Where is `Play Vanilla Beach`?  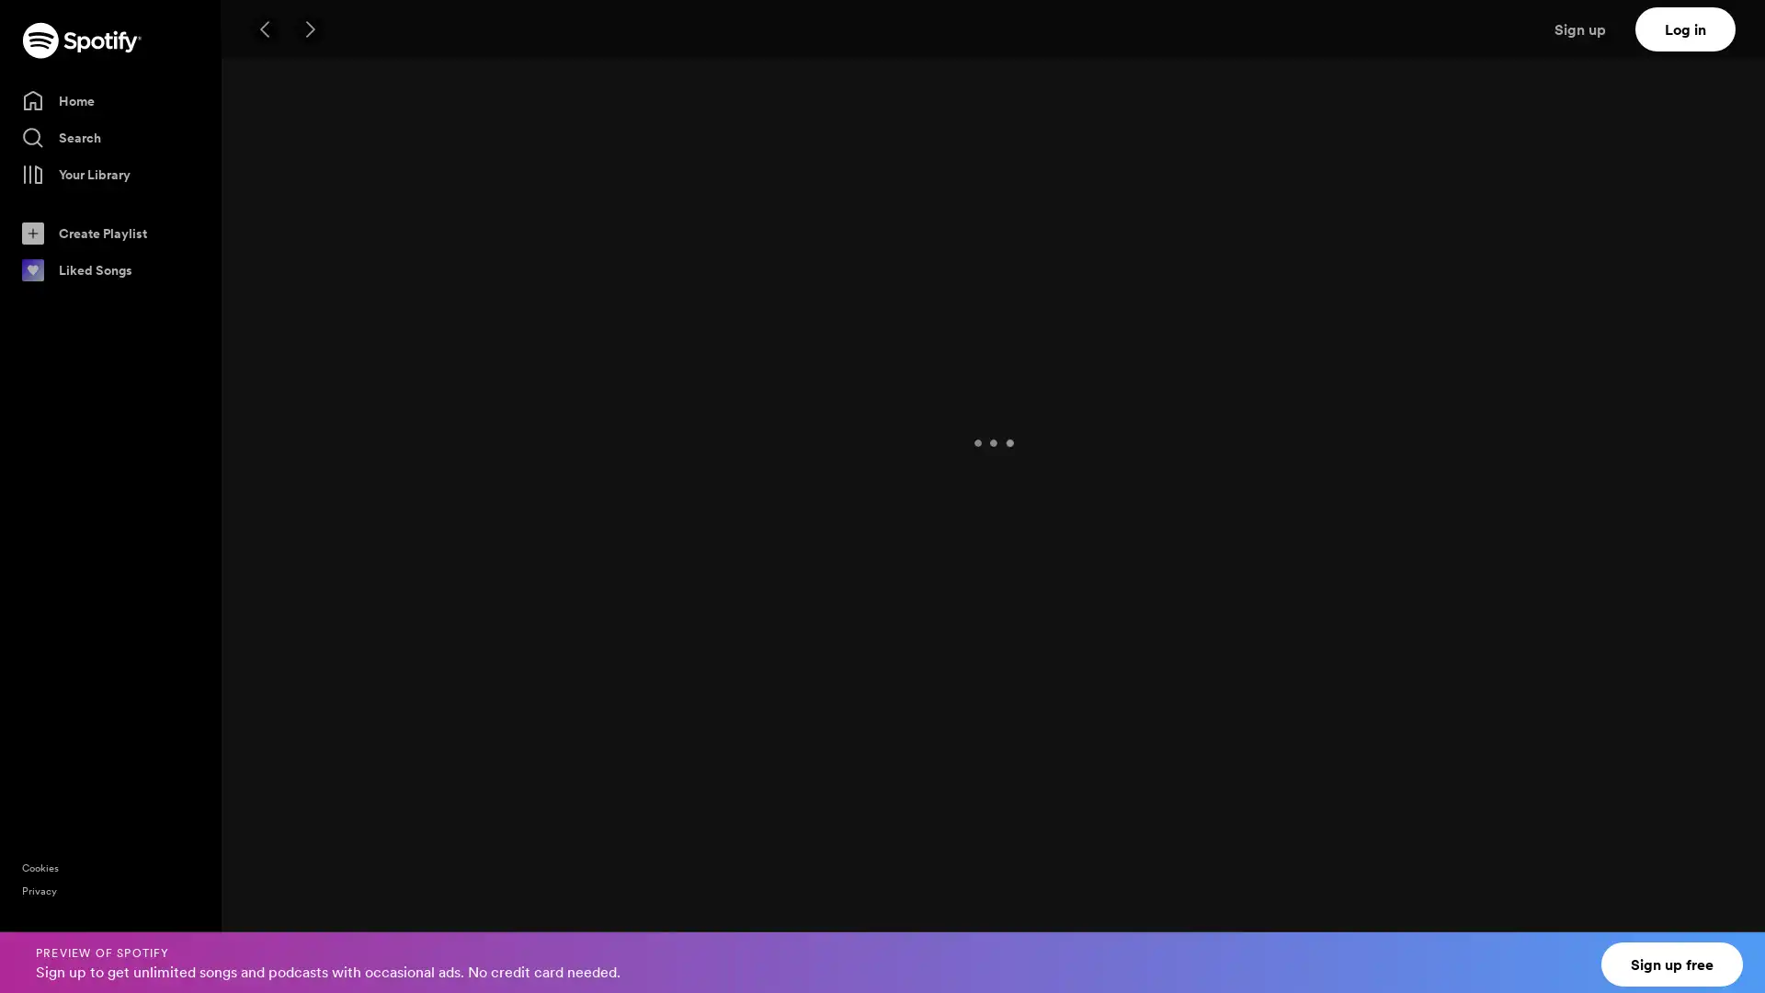 Play Vanilla Beach is located at coordinates (1503, 878).